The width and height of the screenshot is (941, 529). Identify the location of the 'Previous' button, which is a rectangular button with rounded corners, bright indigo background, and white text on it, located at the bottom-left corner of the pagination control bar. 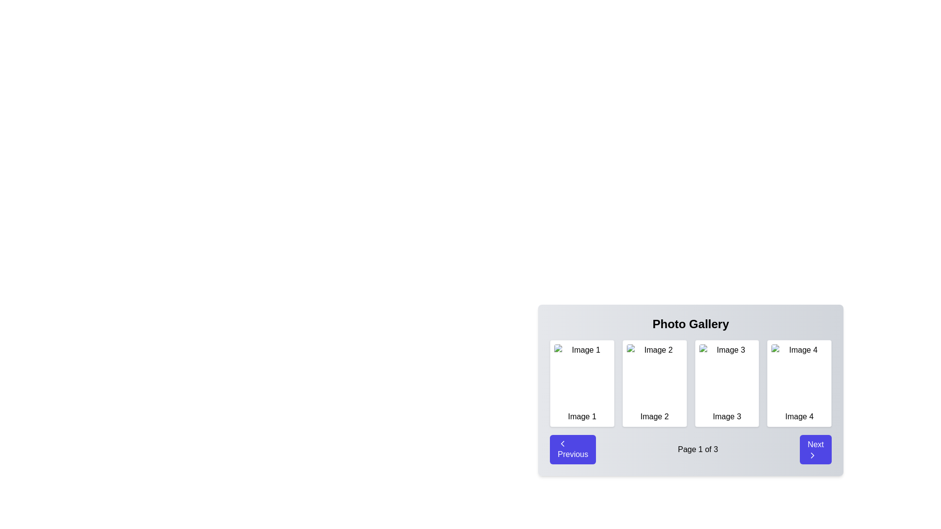
(573, 450).